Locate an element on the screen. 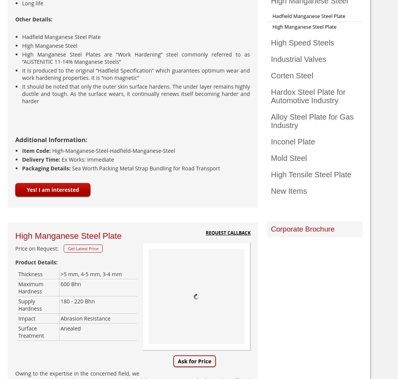 The height and width of the screenshot is (379, 398). 'Price on Request:' is located at coordinates (37, 248).